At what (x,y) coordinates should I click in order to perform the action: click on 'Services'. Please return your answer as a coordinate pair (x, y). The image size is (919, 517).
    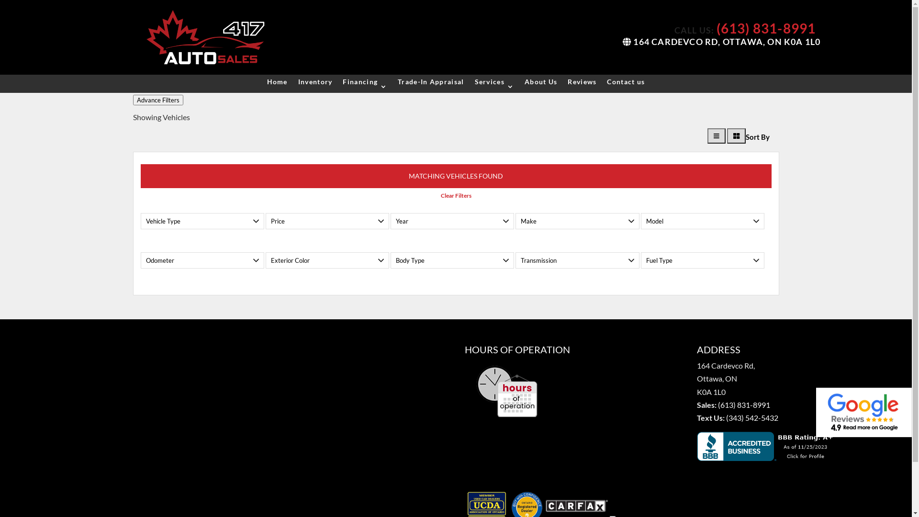
    Looking at the image, I should click on (494, 83).